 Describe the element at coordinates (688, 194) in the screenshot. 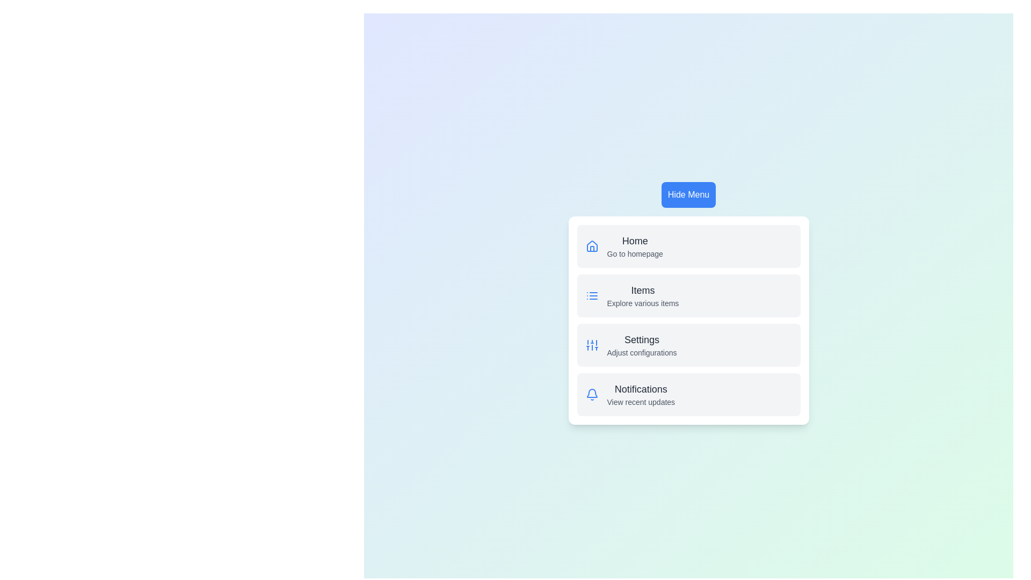

I see `the 'Hide Menu' button to toggle the menu visibility` at that location.